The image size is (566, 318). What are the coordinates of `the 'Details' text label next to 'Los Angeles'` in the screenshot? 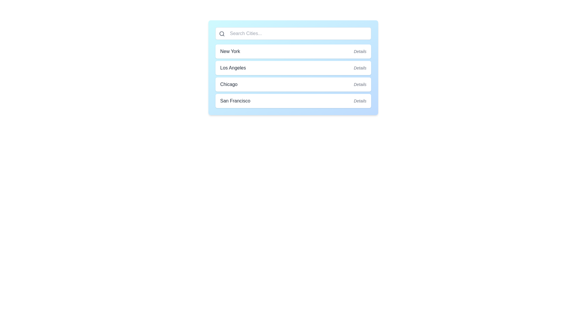 It's located at (360, 68).